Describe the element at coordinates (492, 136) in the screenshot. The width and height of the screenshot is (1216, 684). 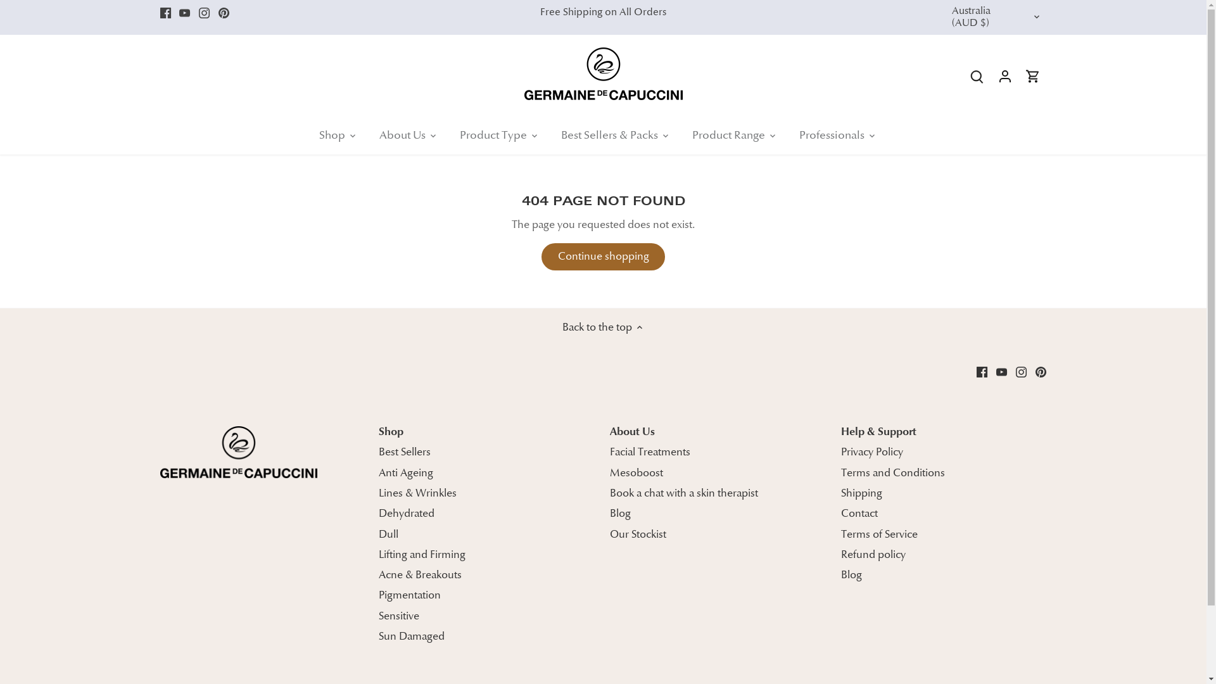
I see `'Product Type'` at that location.